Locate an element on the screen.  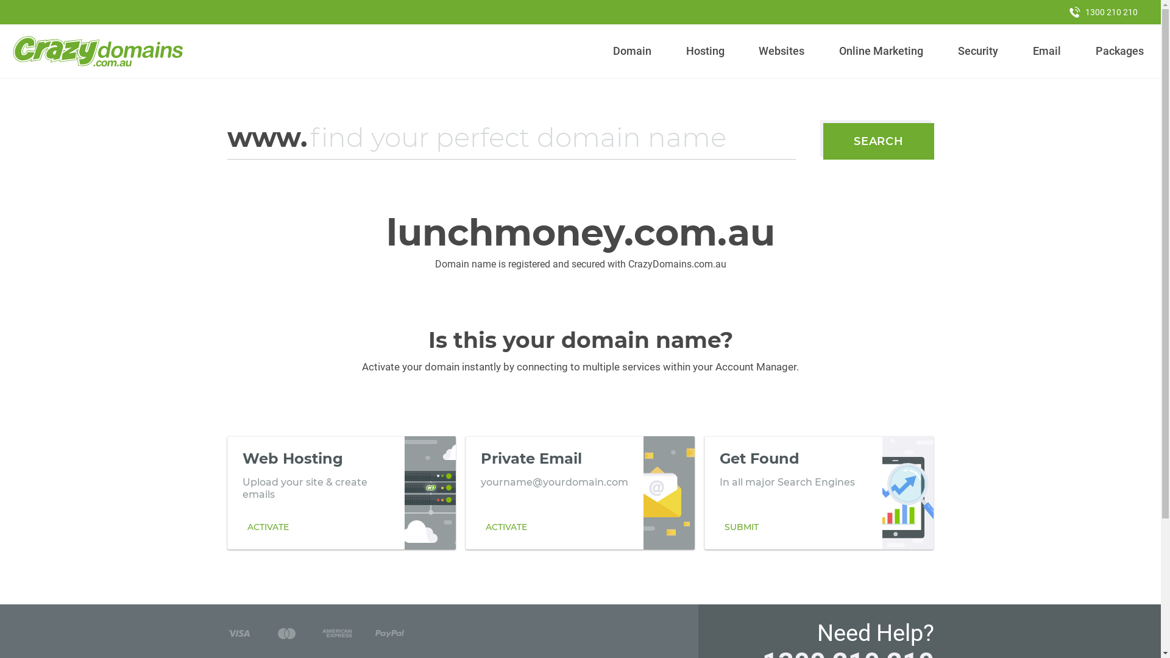
'Security' is located at coordinates (978, 51).